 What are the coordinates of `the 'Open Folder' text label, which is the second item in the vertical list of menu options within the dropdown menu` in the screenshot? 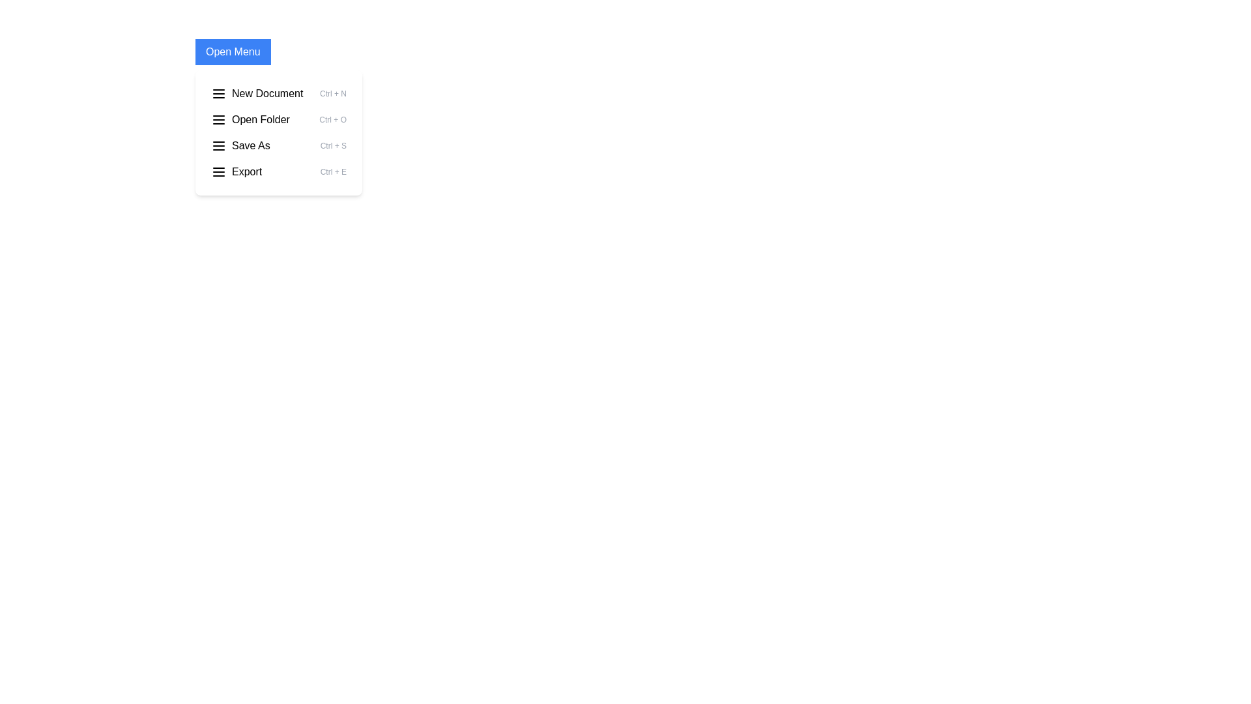 It's located at (250, 120).